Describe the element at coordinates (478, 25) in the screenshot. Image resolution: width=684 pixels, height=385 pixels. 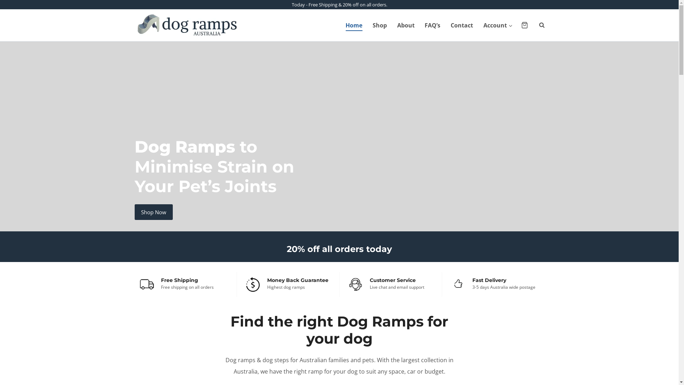
I see `'Account'` at that location.